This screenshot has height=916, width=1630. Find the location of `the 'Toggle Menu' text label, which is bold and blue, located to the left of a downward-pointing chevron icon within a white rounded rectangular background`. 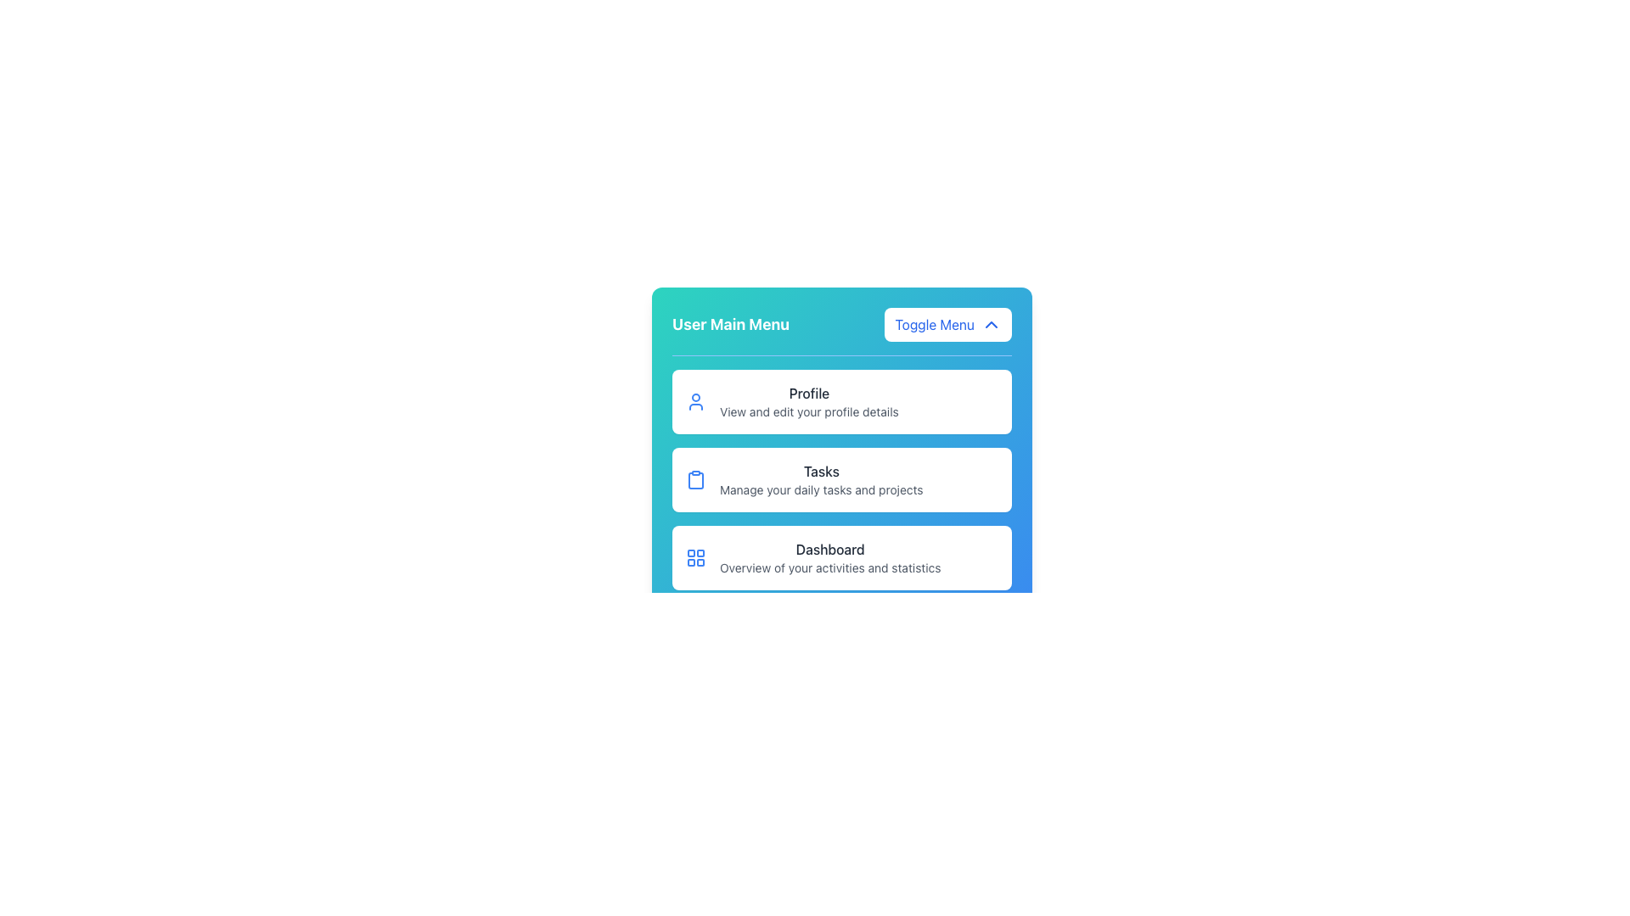

the 'Toggle Menu' text label, which is bold and blue, located to the left of a downward-pointing chevron icon within a white rounded rectangular background is located at coordinates (934, 324).